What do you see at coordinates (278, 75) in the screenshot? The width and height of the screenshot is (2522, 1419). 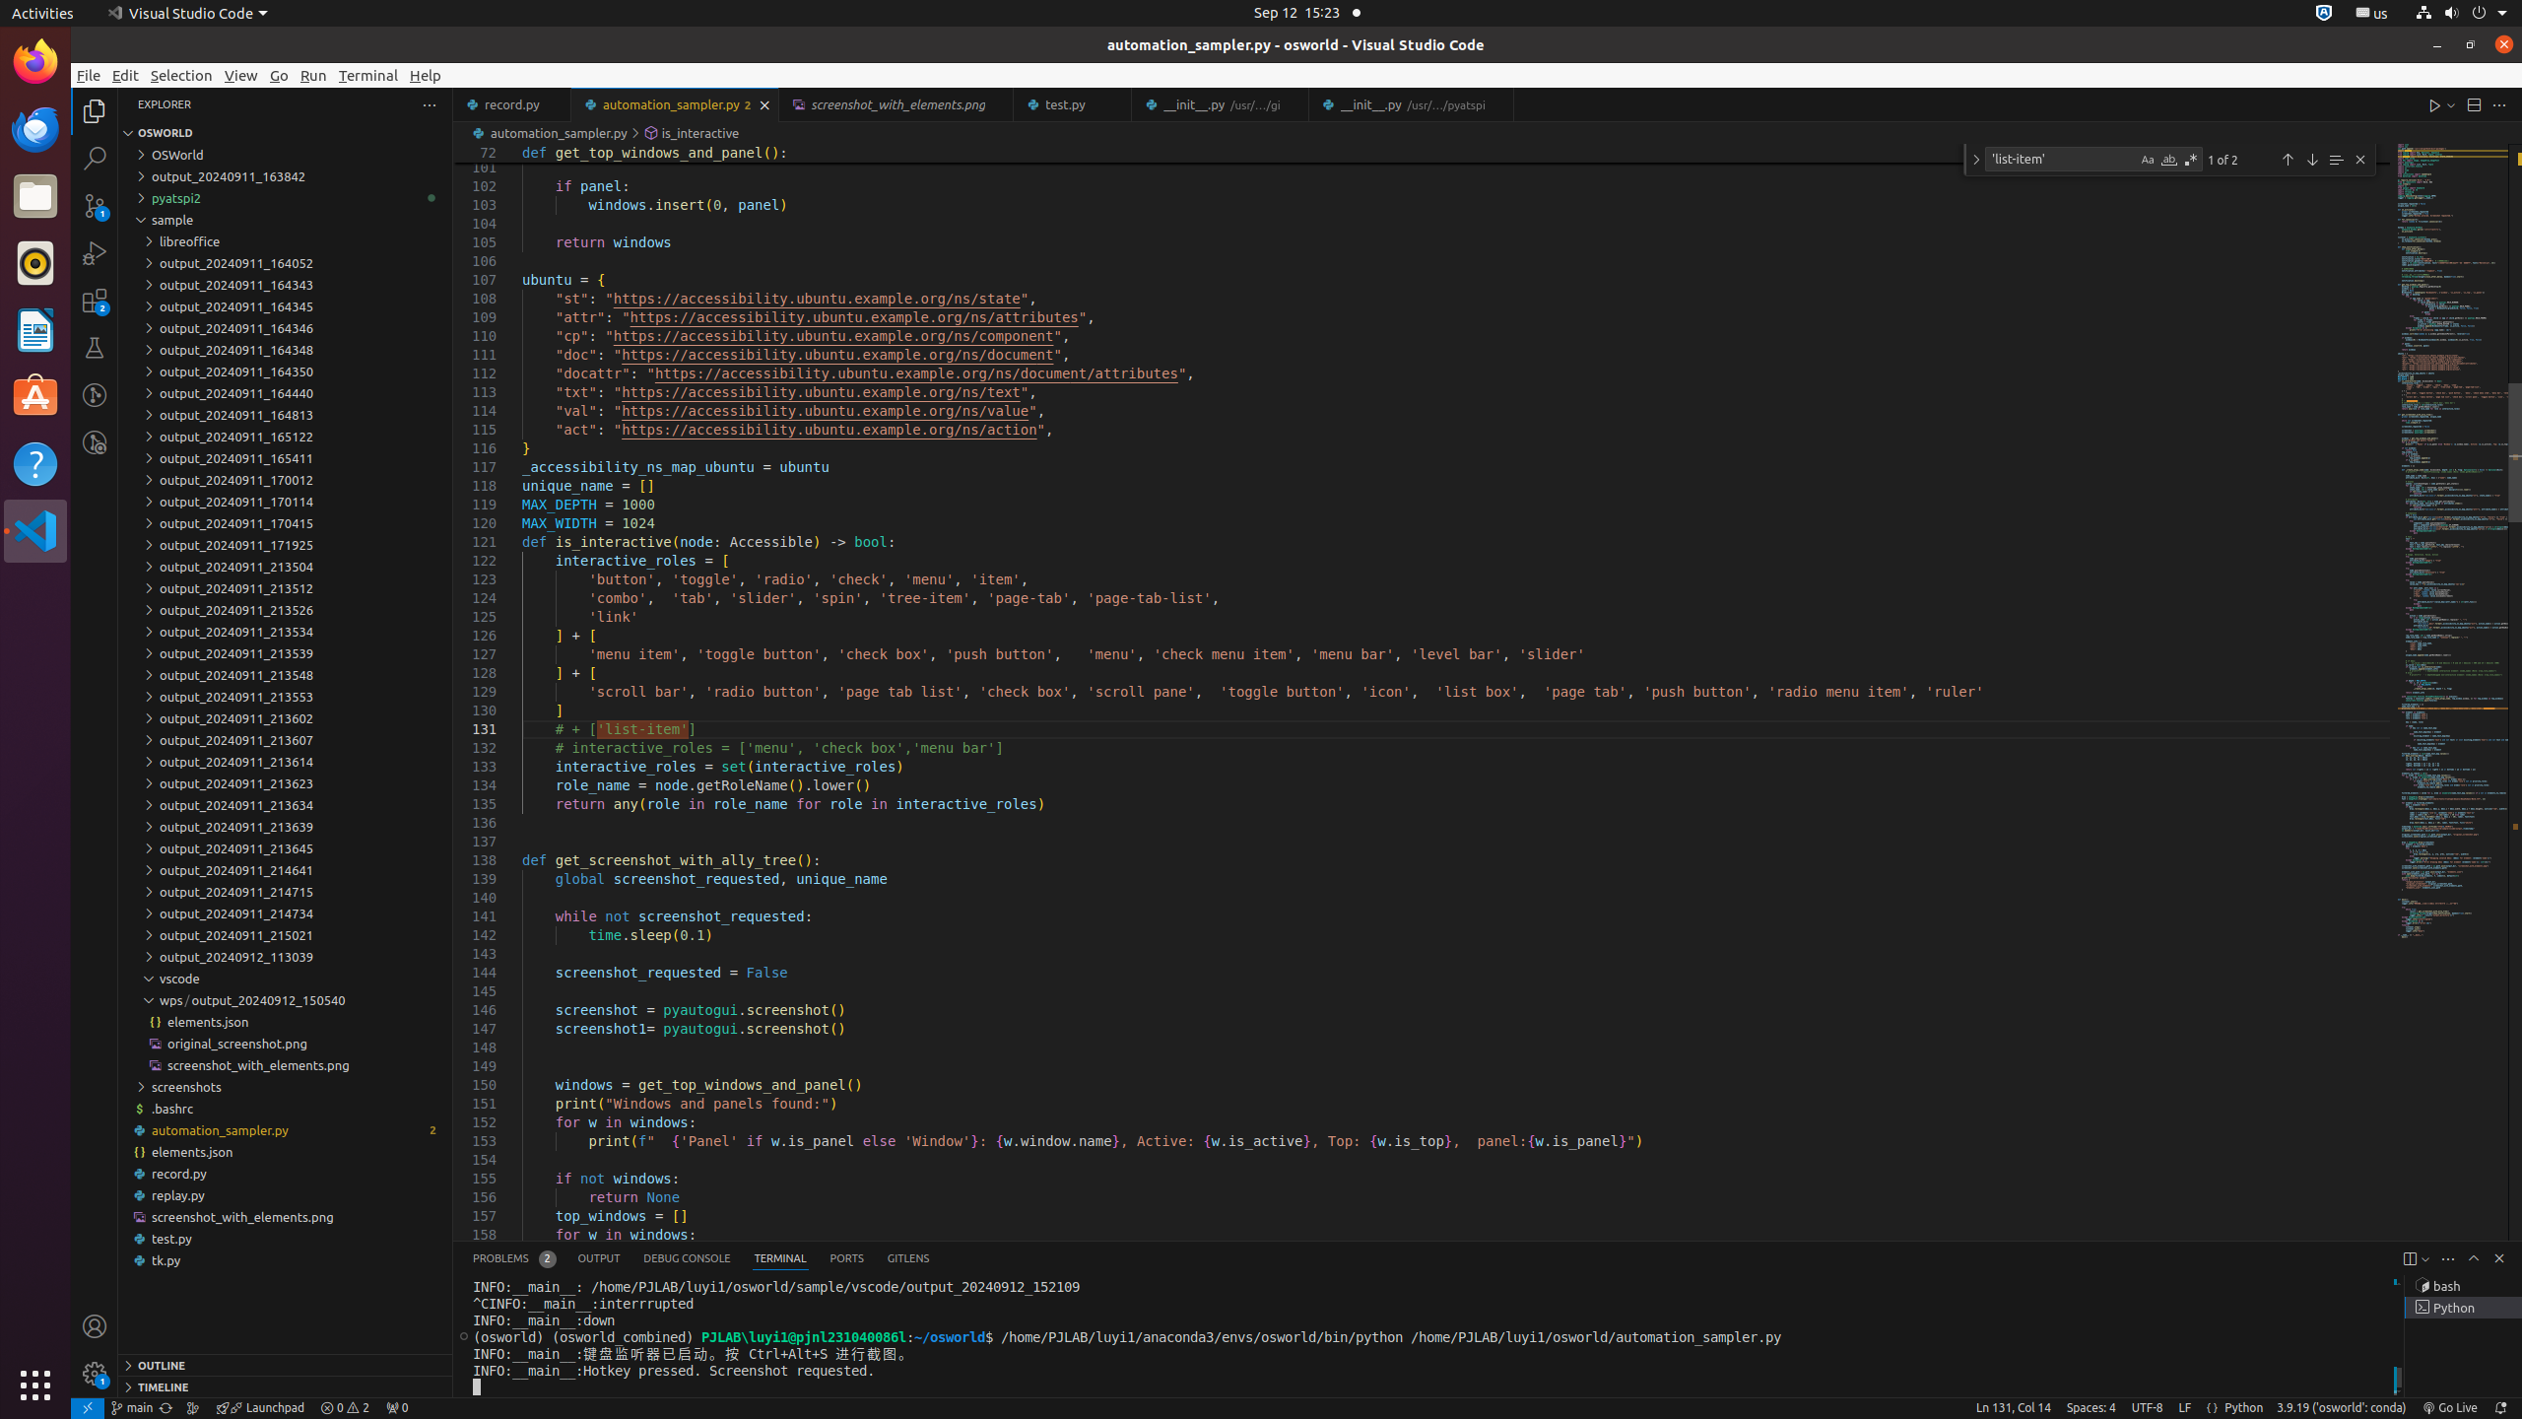 I see `'Go'` at bounding box center [278, 75].